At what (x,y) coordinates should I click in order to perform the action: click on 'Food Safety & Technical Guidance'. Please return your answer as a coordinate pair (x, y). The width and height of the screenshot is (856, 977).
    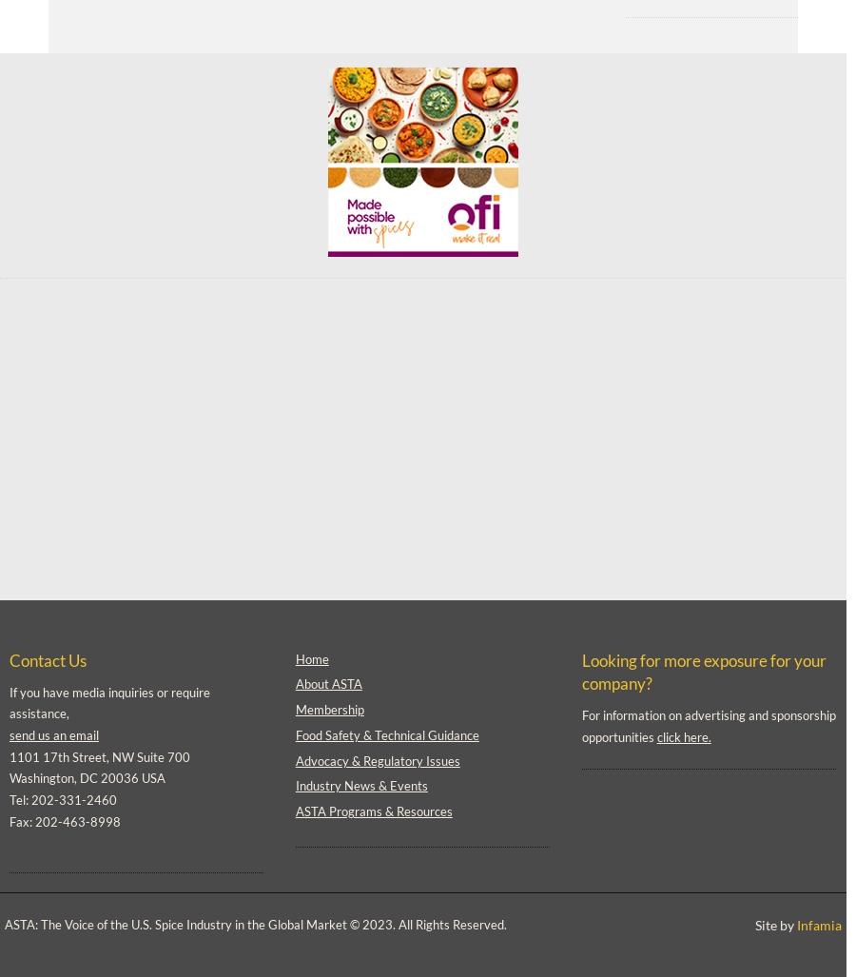
    Looking at the image, I should click on (386, 733).